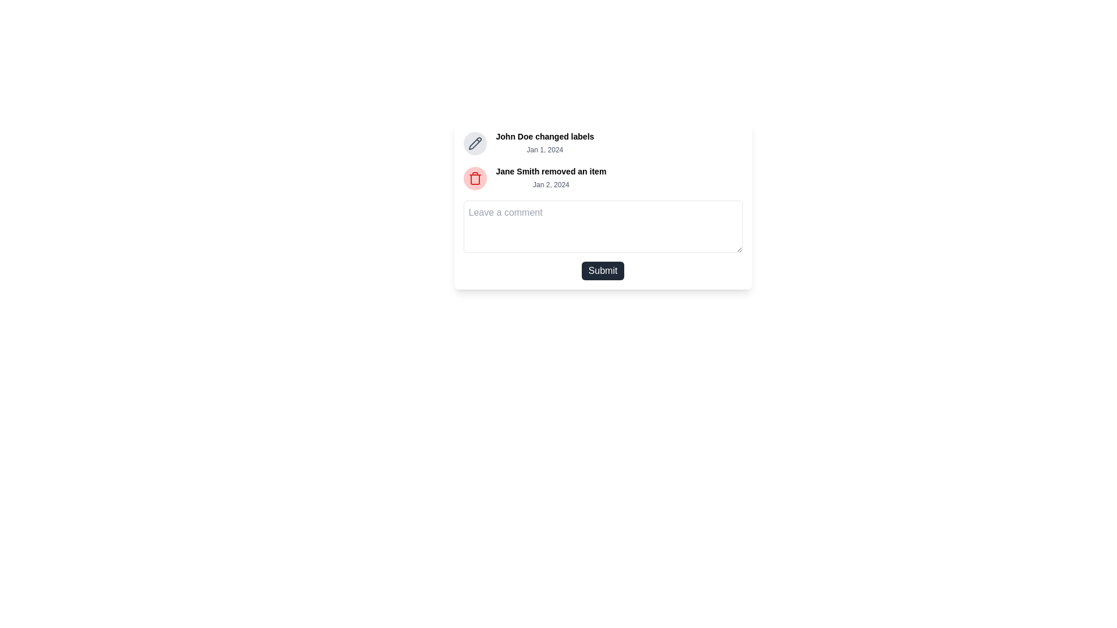 The width and height of the screenshot is (1117, 628). What do you see at coordinates (544, 136) in the screenshot?
I see `the activity information text that displays action performed by user 'John Doe', located above the date 'Jan 1, 2024' in the activity card` at bounding box center [544, 136].